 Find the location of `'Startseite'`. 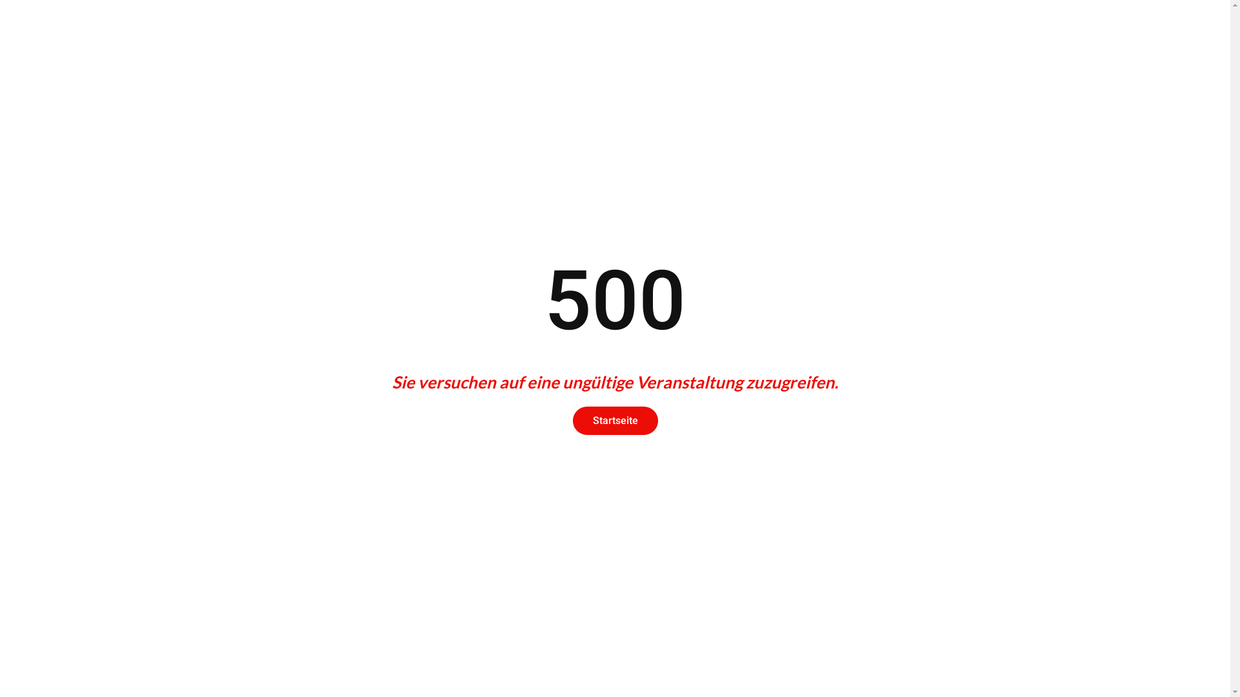

'Startseite' is located at coordinates (614, 420).